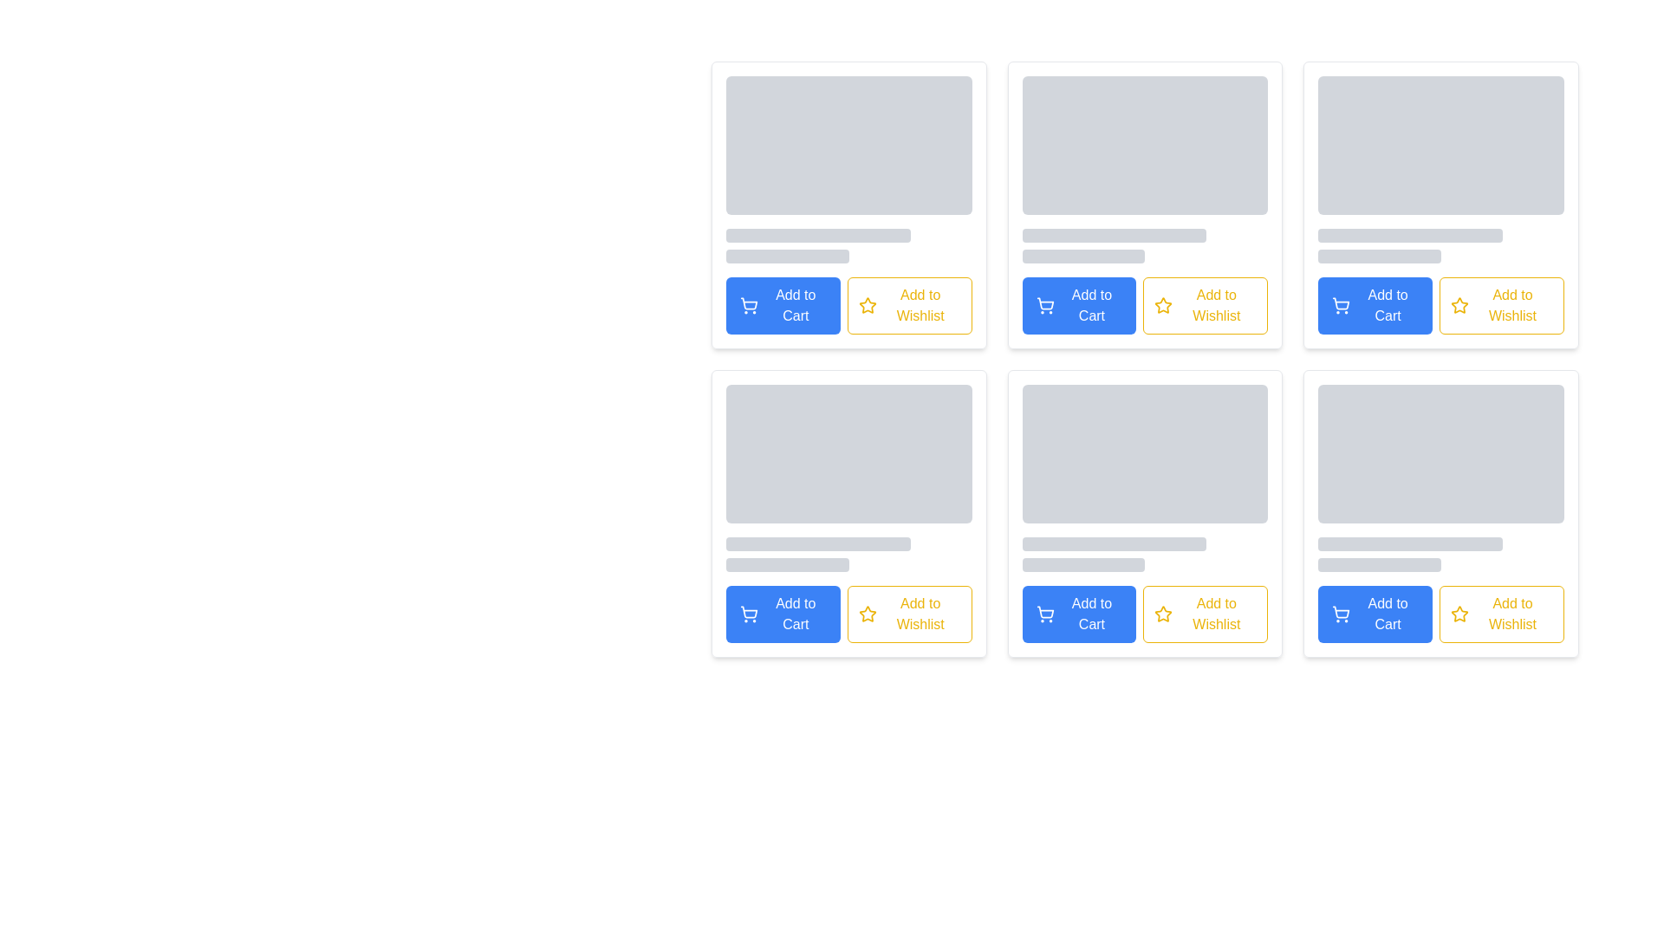 The width and height of the screenshot is (1664, 936). Describe the element at coordinates (868, 613) in the screenshot. I see `the star icon with an outlined yellow stroke located in the second row, first column of the product card's 'Add to Wishlist' button group` at that location.